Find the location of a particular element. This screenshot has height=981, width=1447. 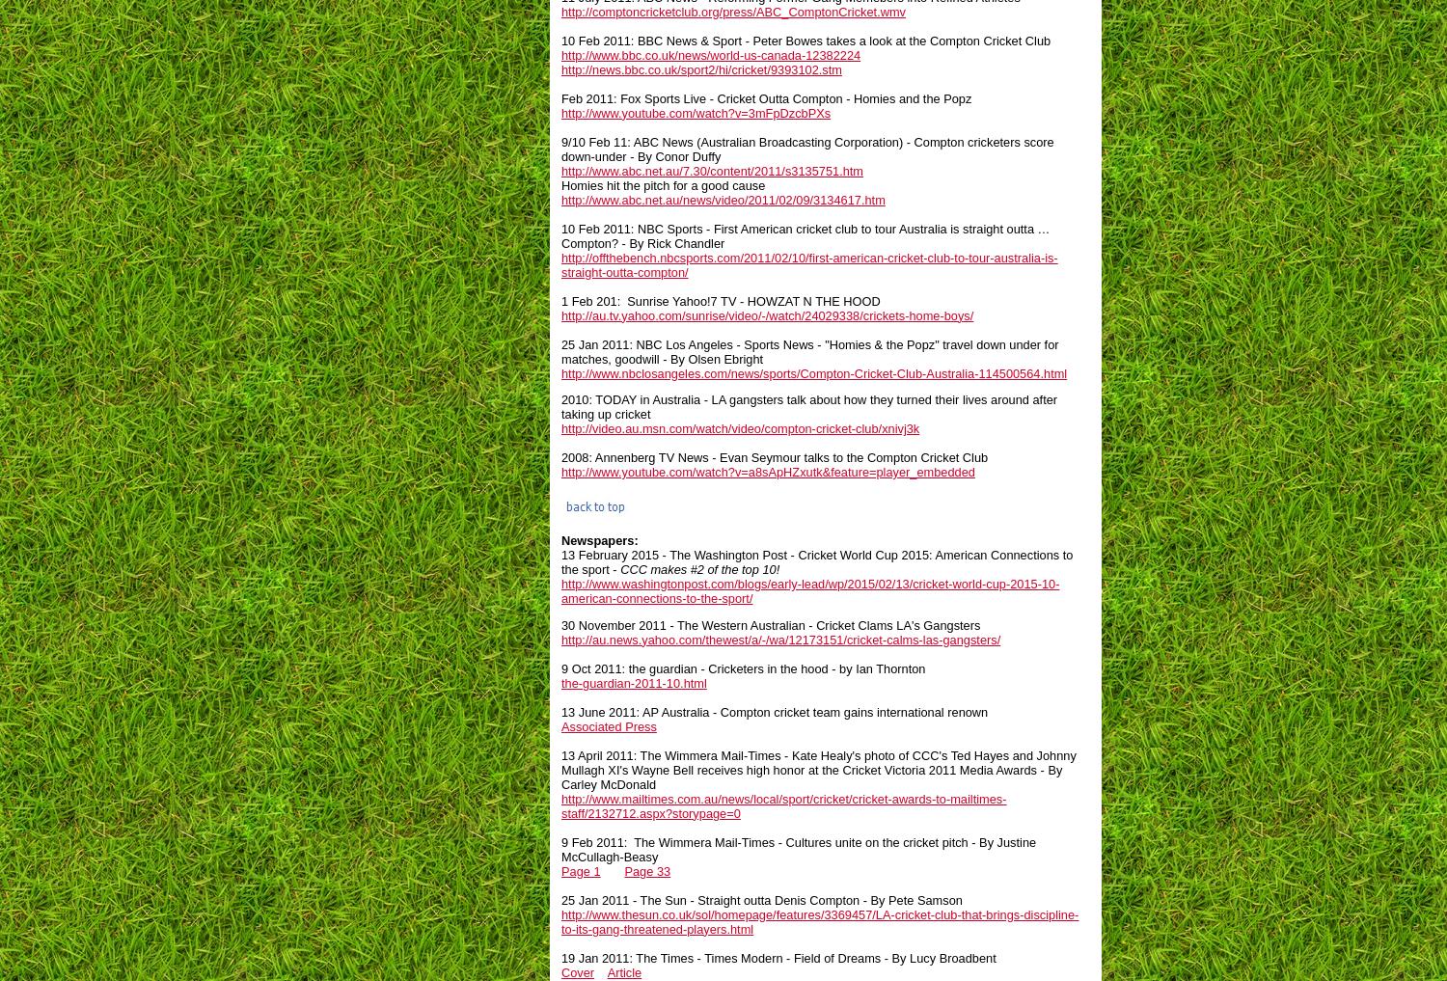

'http://www.mailtimes.com.au/news/local/sport/cricket/cricket-awards-to-mailtimes-staff/2132712.aspx?storypage=0' is located at coordinates (560, 804).